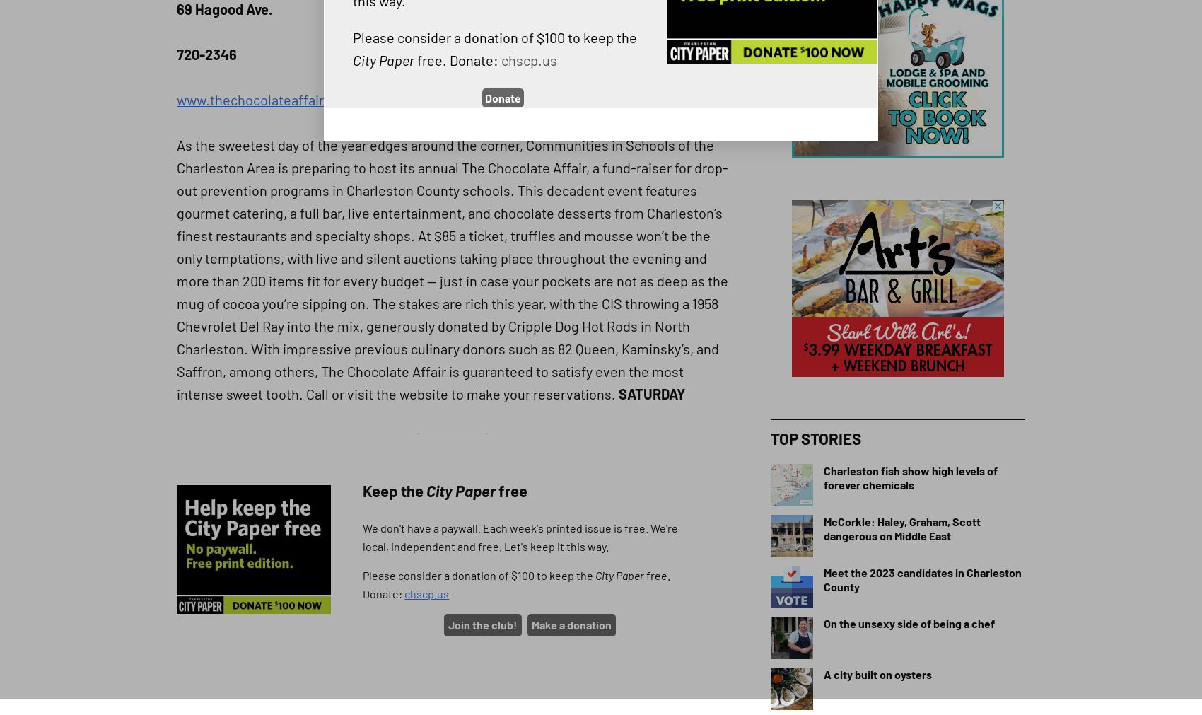 This screenshot has width=1202, height=715. What do you see at coordinates (261, 98) in the screenshot?
I see `'www.thechocolateaffair.net'` at bounding box center [261, 98].